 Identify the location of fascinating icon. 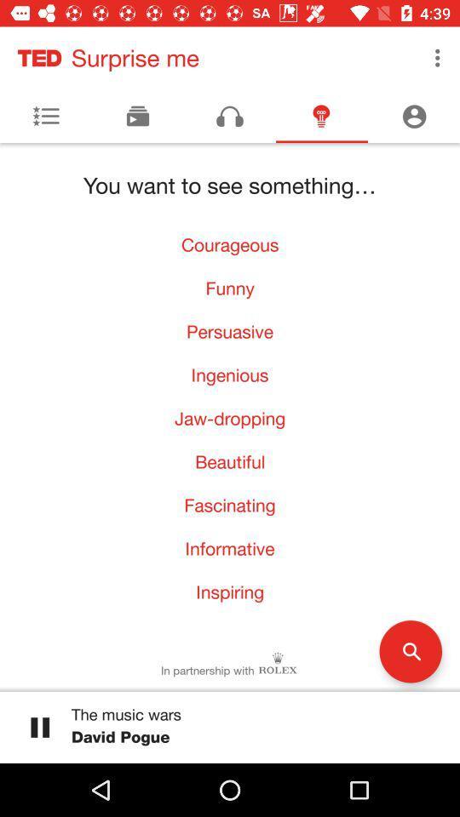
(230, 505).